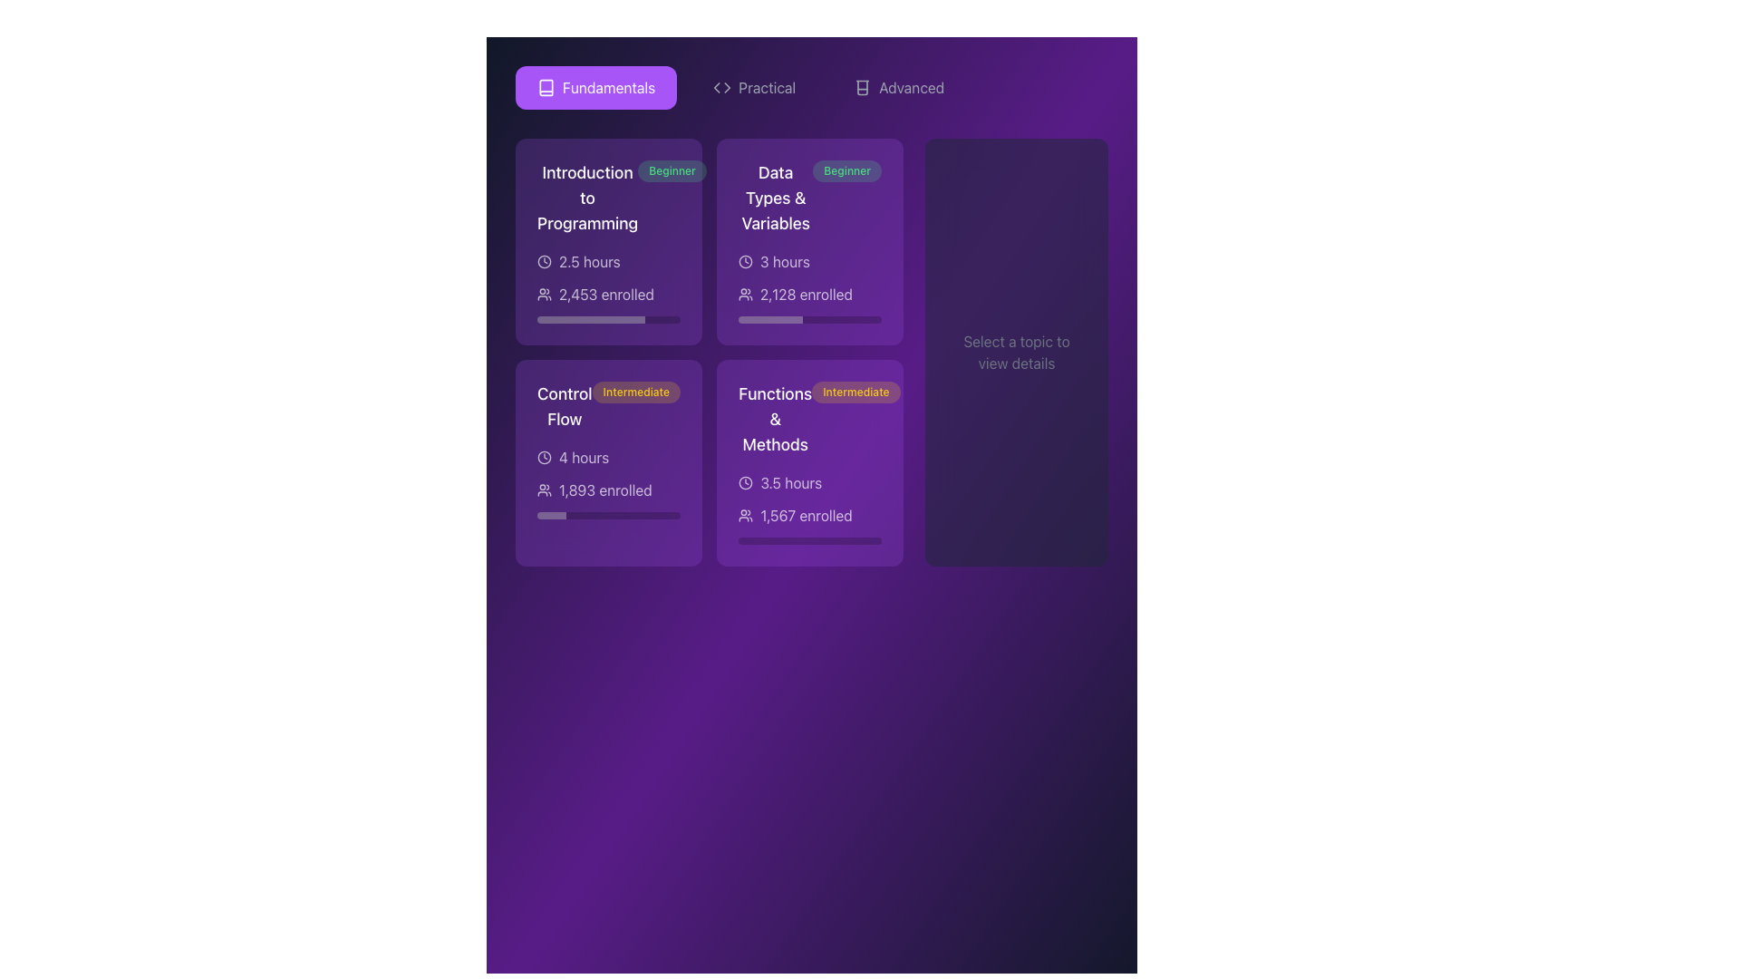 Image resolution: width=1740 pixels, height=979 pixels. What do you see at coordinates (745, 293) in the screenshot?
I see `the enrollment icon located in the 'Data Types & Variables' card, positioned to the left of the text '2,128 enrolled' and above the progress bar` at bounding box center [745, 293].